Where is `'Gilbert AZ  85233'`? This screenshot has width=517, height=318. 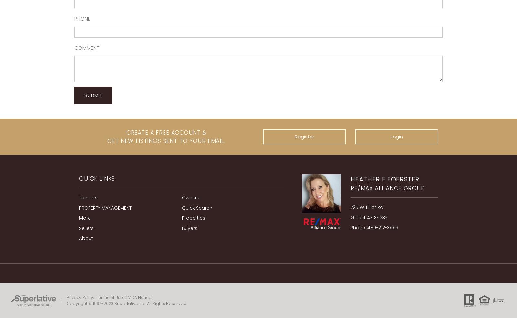
'Gilbert AZ  85233' is located at coordinates (369, 217).